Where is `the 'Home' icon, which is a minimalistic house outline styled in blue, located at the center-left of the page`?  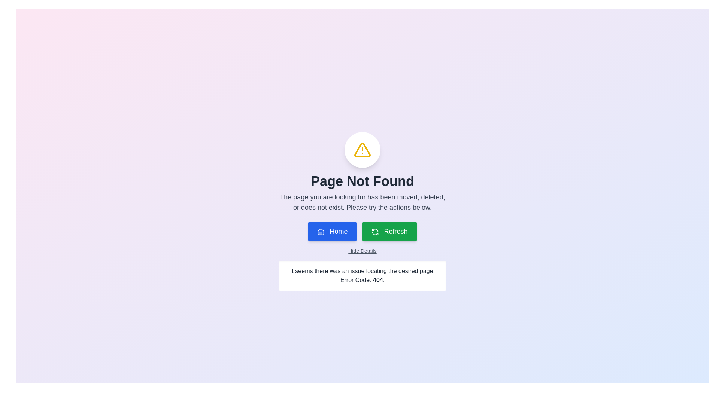
the 'Home' icon, which is a minimalistic house outline styled in blue, located at the center-left of the page is located at coordinates (321, 231).